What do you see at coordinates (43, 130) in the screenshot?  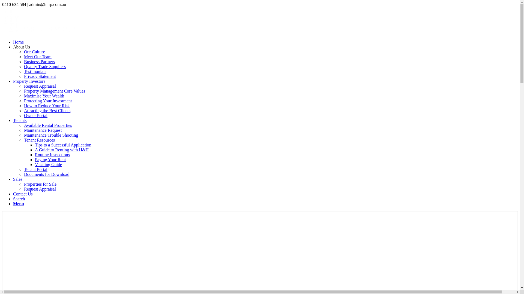 I see `'Maintenance Request'` at bounding box center [43, 130].